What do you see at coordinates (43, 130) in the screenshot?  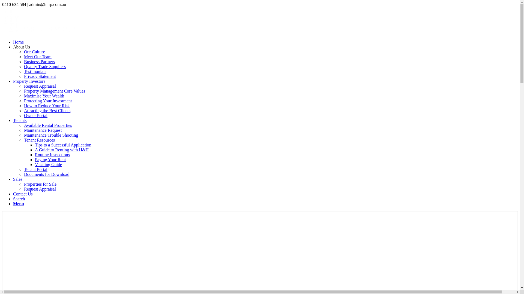 I see `'Maintenance Request'` at bounding box center [43, 130].